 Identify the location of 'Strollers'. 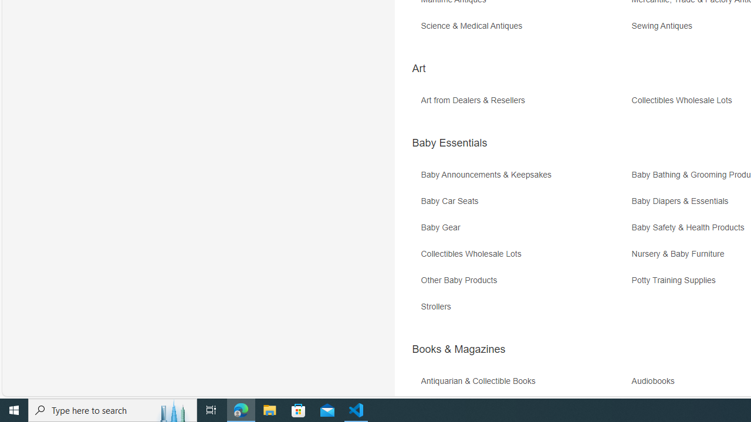
(524, 310).